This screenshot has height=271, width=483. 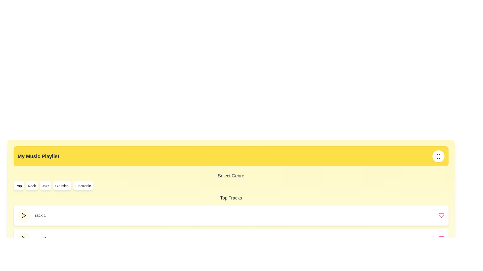 I want to click on the play button of the first list item 'Track 1' in the 'Top Tracks' list, so click(x=231, y=215).